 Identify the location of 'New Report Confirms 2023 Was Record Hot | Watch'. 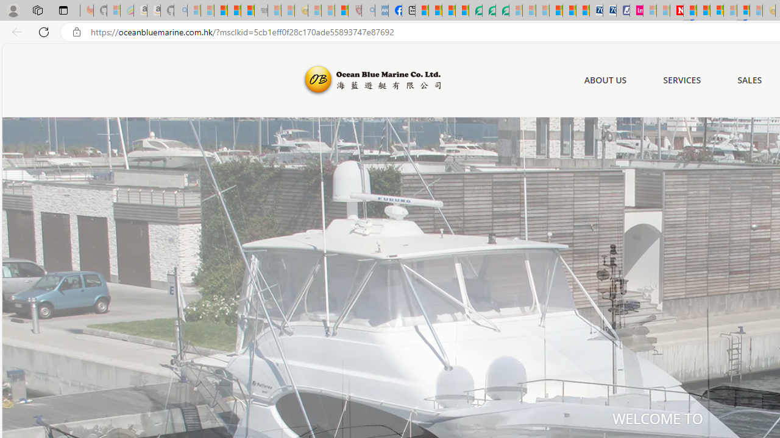
(247, 10).